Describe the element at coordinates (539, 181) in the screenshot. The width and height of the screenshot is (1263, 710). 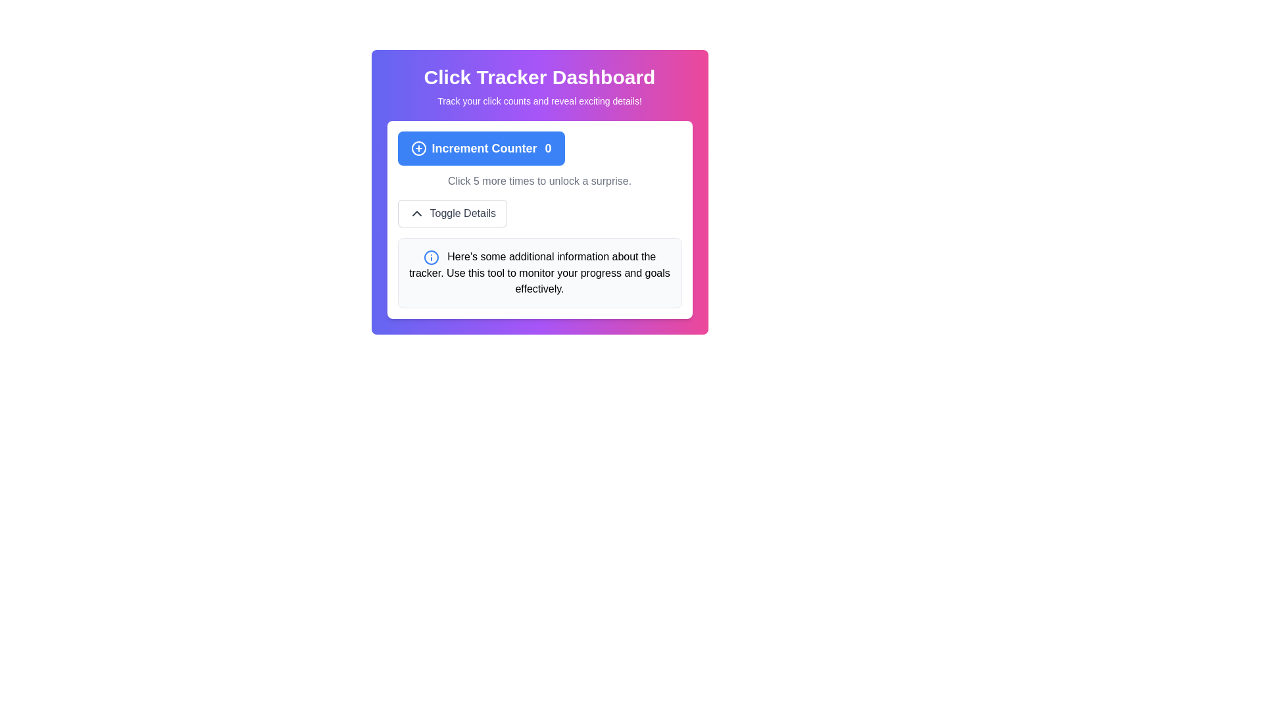
I see `the Text Label that provides feedback and motivation, located within a white card interface below the 'Increment Counter 0' button and above the 'Toggle Details' button, centered horizontally within the card` at that location.